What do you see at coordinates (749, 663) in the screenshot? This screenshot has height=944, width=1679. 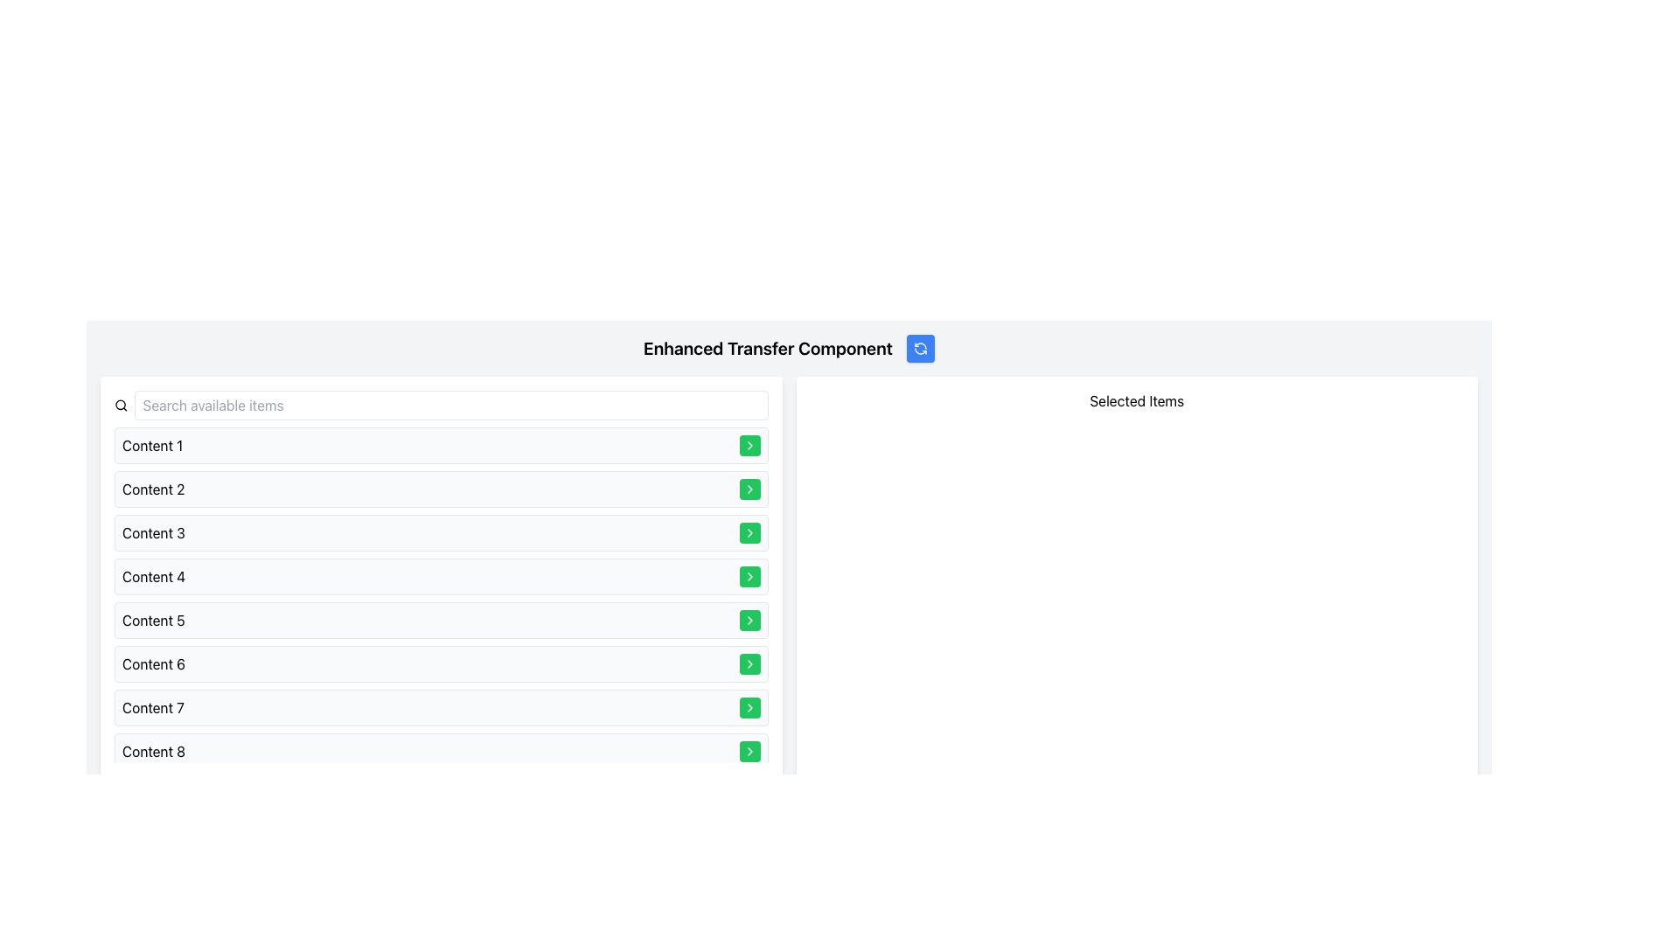 I see `the icon button located on the left-hand side of the seventh list item` at bounding box center [749, 663].